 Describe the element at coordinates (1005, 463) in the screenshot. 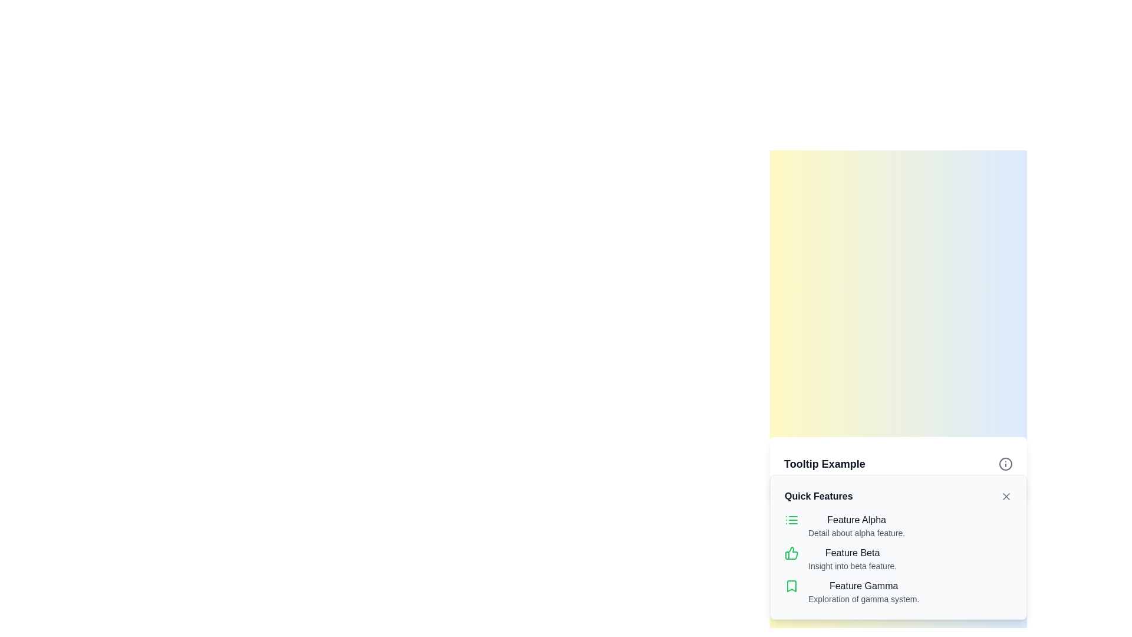

I see `the circular shape icon located in the top-right corner of the card titled 'Tooltip Example'` at that location.